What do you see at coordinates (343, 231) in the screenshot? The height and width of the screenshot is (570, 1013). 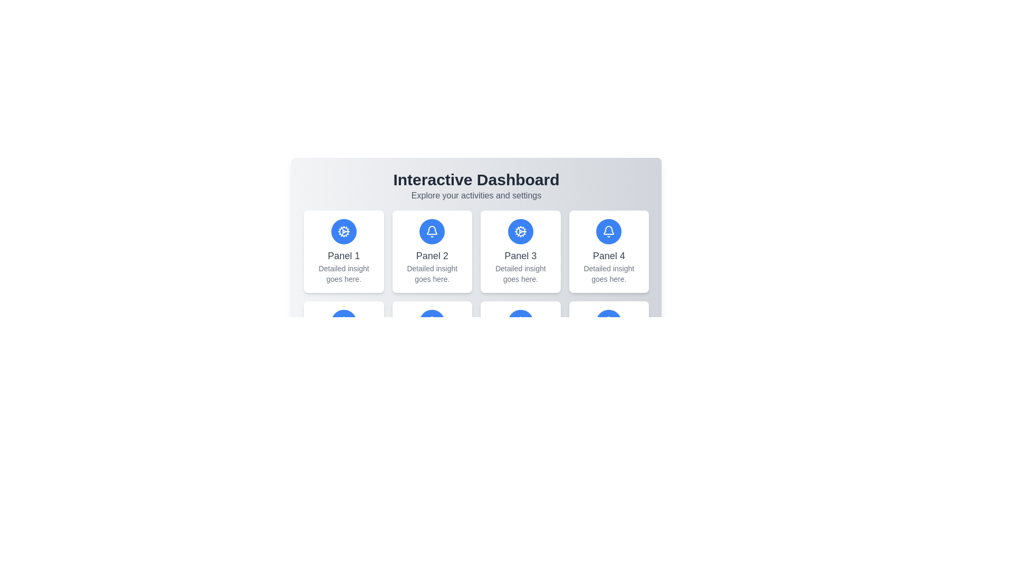 I see `the cogwheel icon, which is characterized by its circular design with gear-like edges and a white color on a blue background` at bounding box center [343, 231].